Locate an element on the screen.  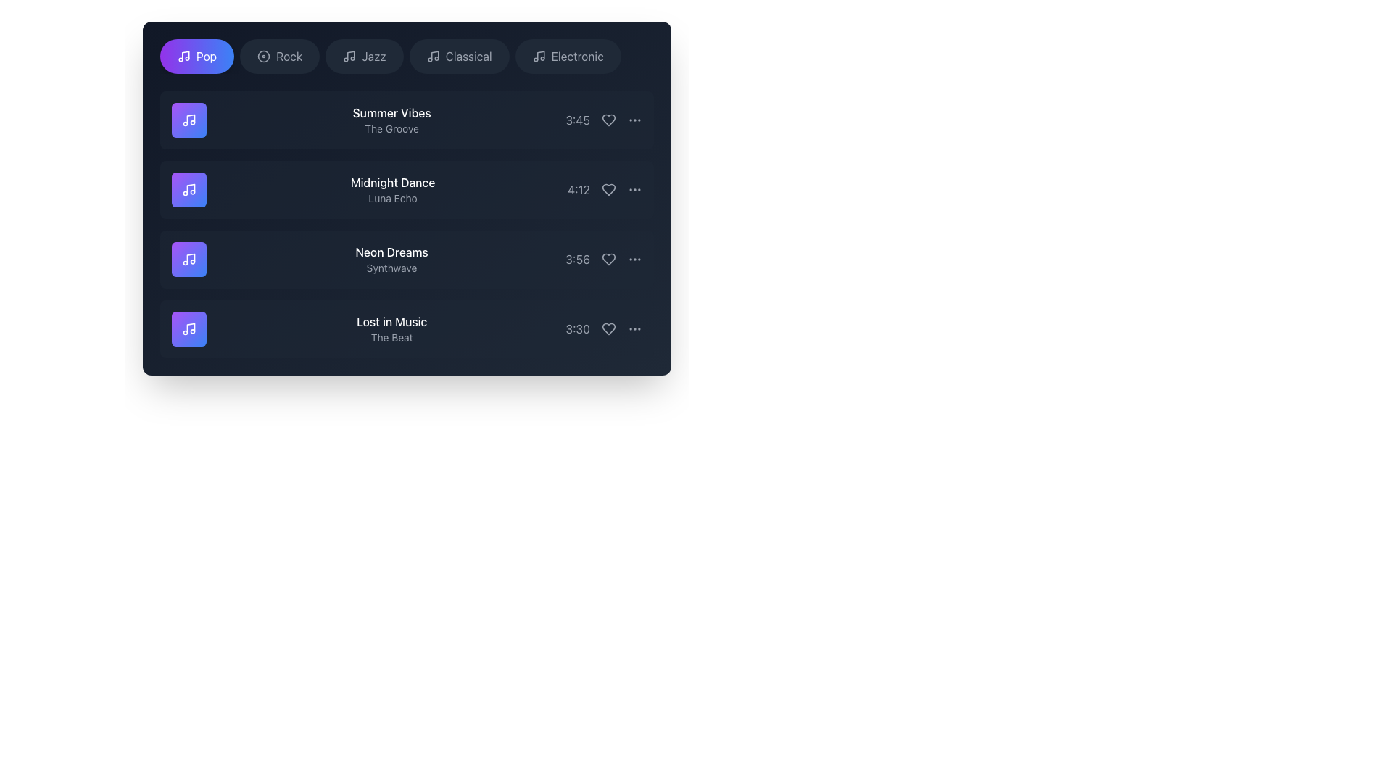
the Interactive icon, which serves as a 'favorite' or 'like' button is located at coordinates (609, 259).